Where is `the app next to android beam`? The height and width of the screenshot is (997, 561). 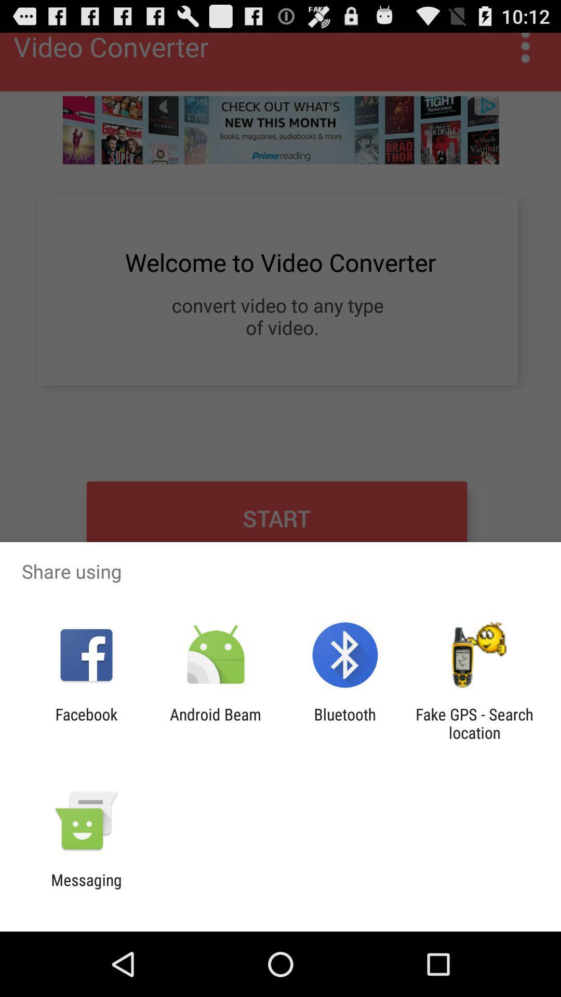
the app next to android beam is located at coordinates (86, 723).